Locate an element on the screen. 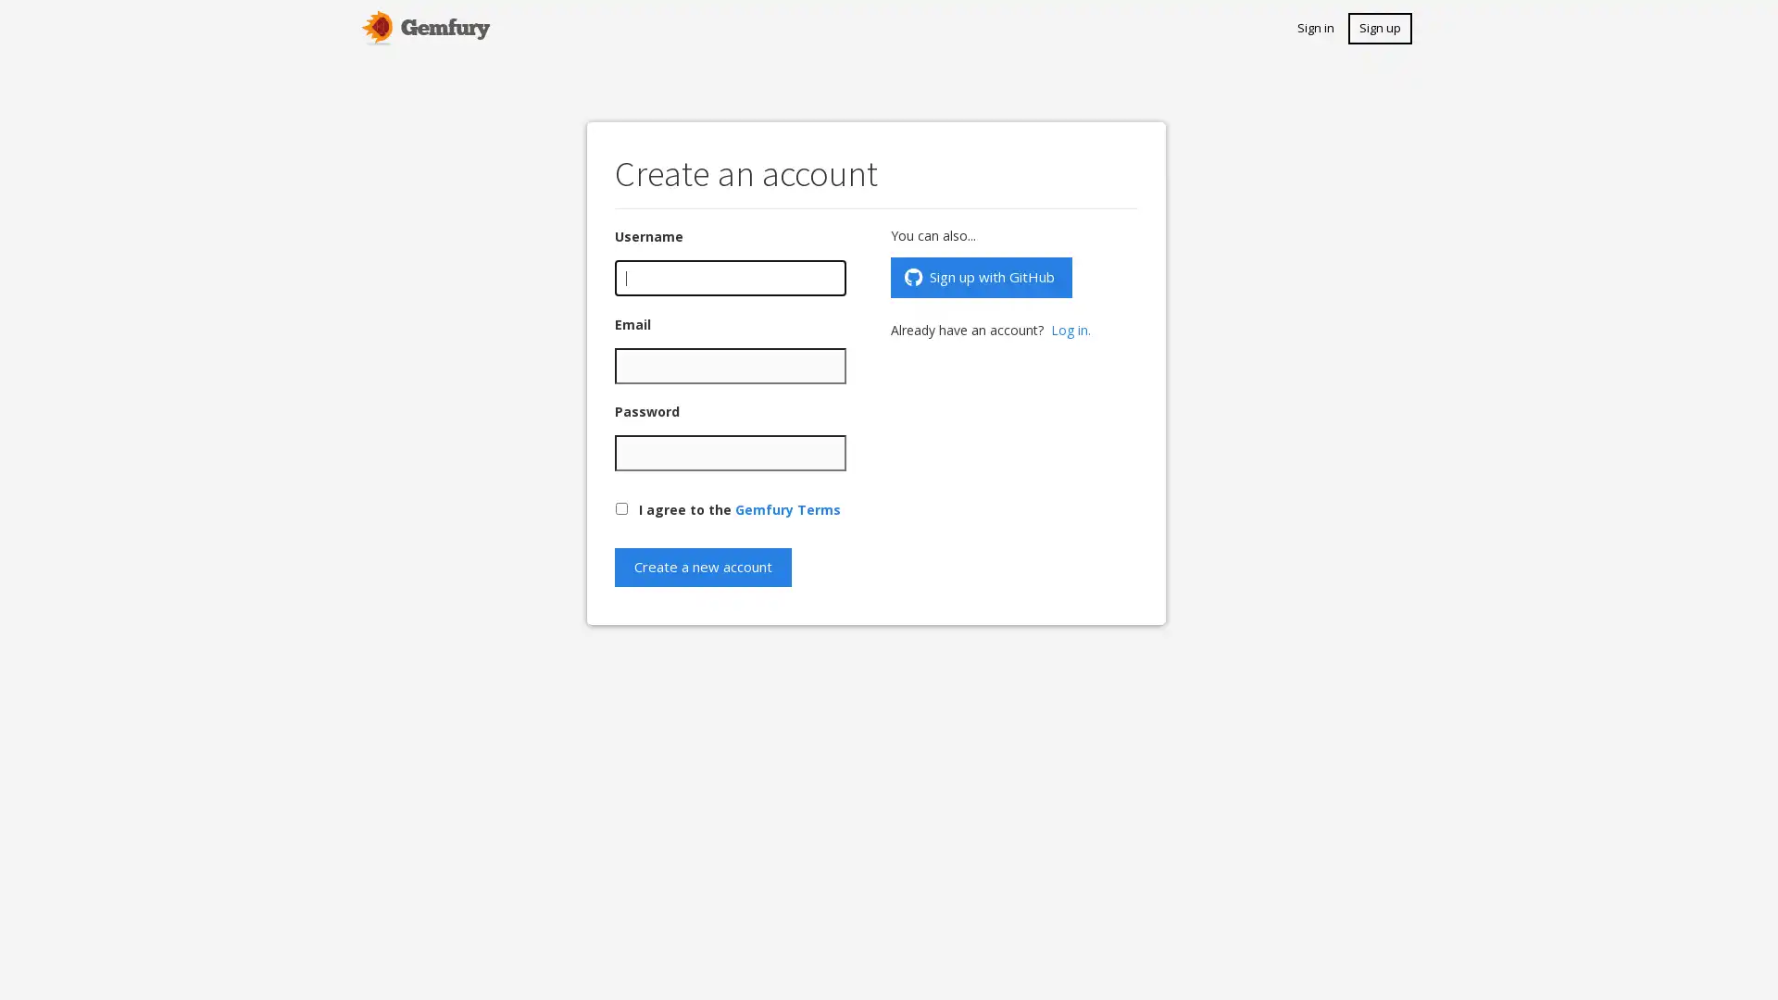  Create a new account is located at coordinates (702, 566).